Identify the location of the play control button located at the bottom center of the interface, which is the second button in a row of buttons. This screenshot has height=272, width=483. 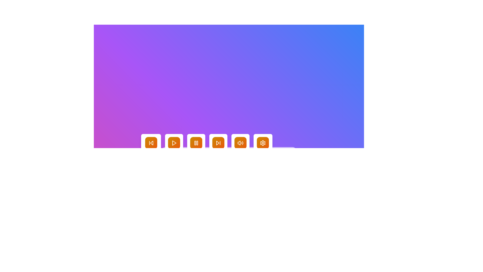
(174, 143).